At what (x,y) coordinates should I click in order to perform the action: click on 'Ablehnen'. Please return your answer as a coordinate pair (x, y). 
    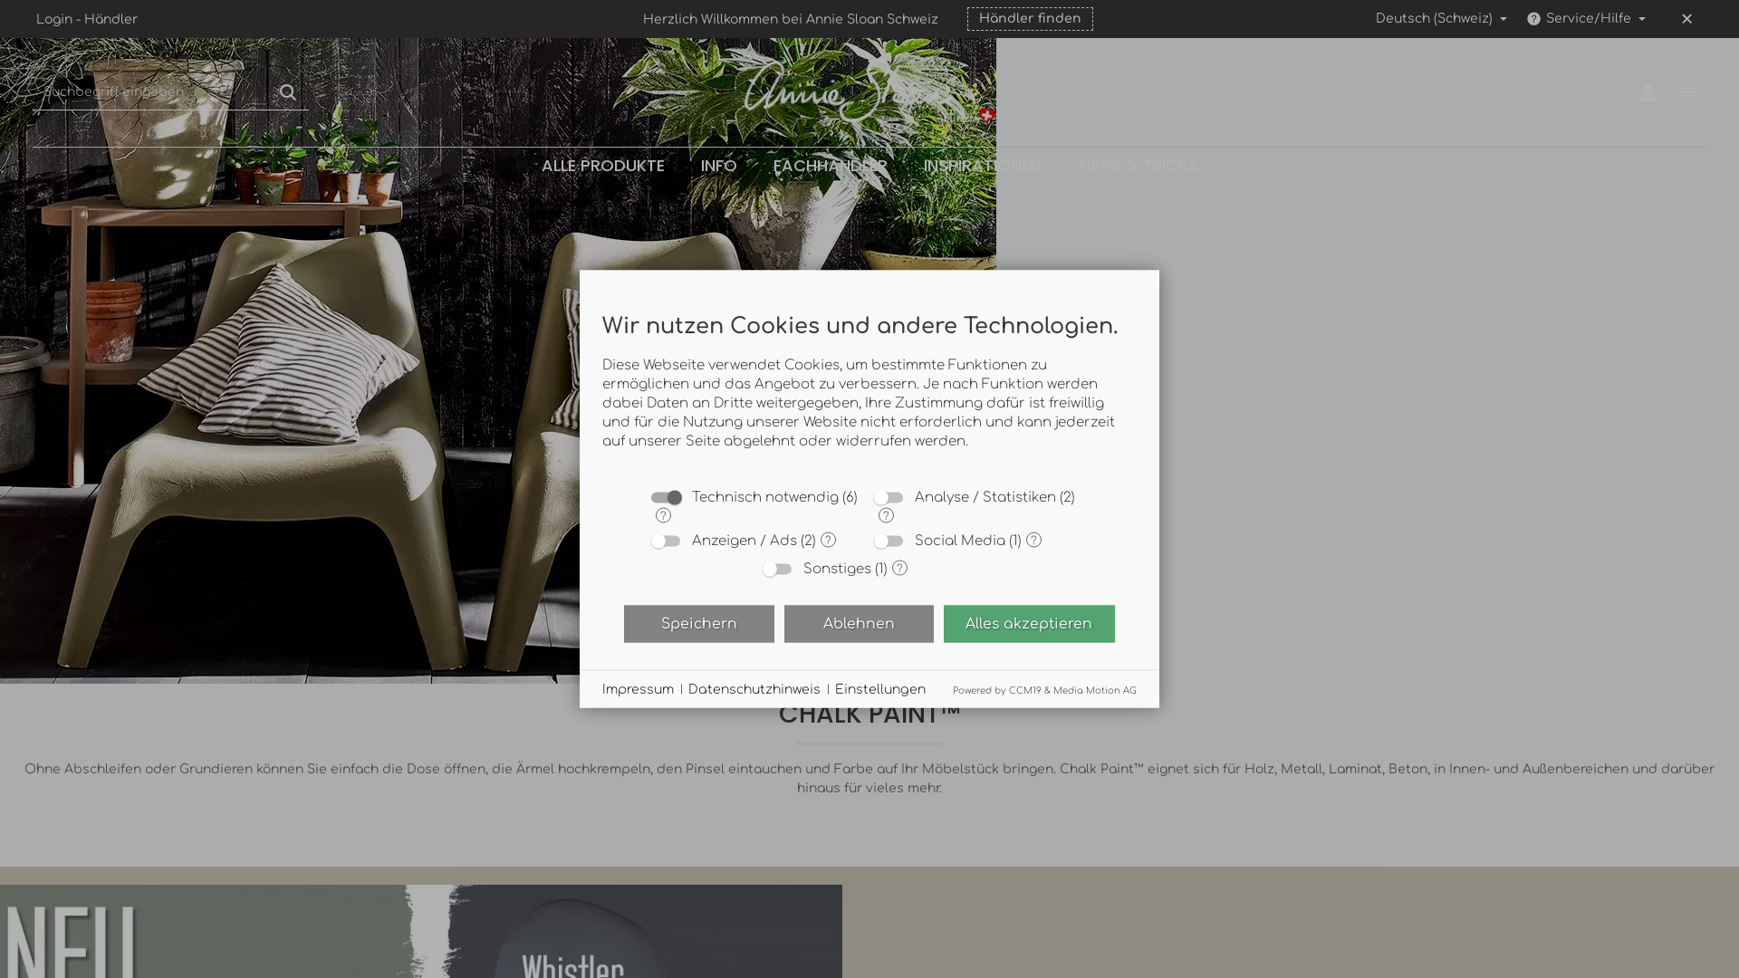
    Looking at the image, I should click on (858, 622).